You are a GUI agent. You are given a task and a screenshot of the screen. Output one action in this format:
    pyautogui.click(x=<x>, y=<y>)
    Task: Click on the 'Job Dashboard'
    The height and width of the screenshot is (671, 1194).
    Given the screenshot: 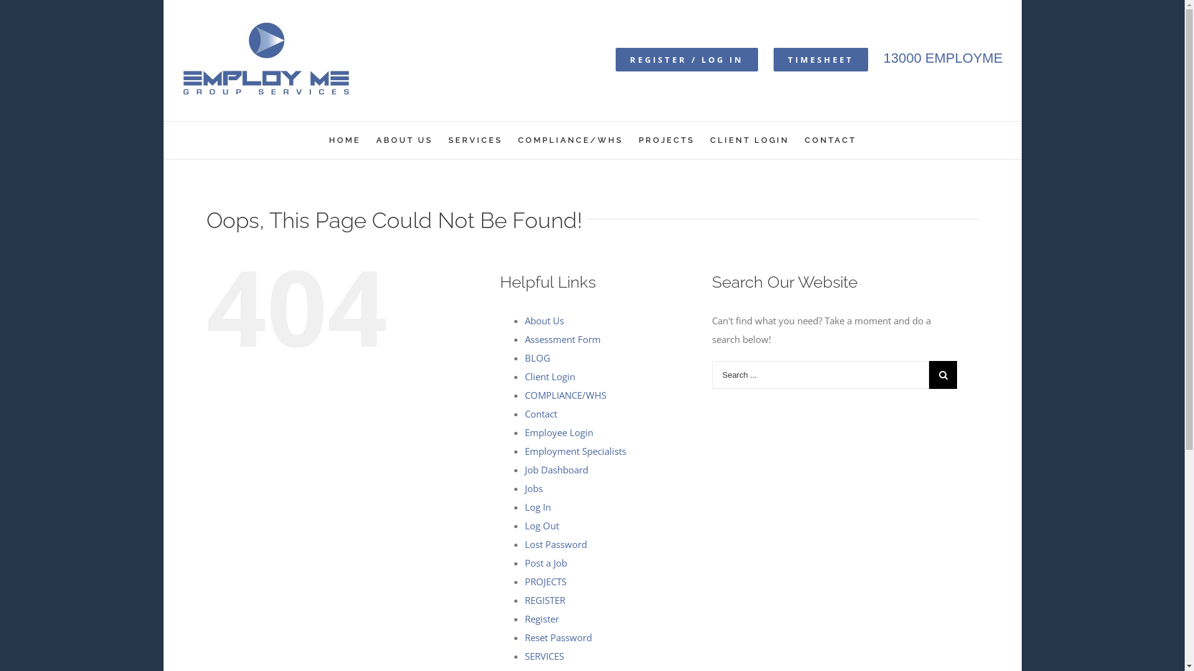 What is the action you would take?
    pyautogui.click(x=555, y=470)
    